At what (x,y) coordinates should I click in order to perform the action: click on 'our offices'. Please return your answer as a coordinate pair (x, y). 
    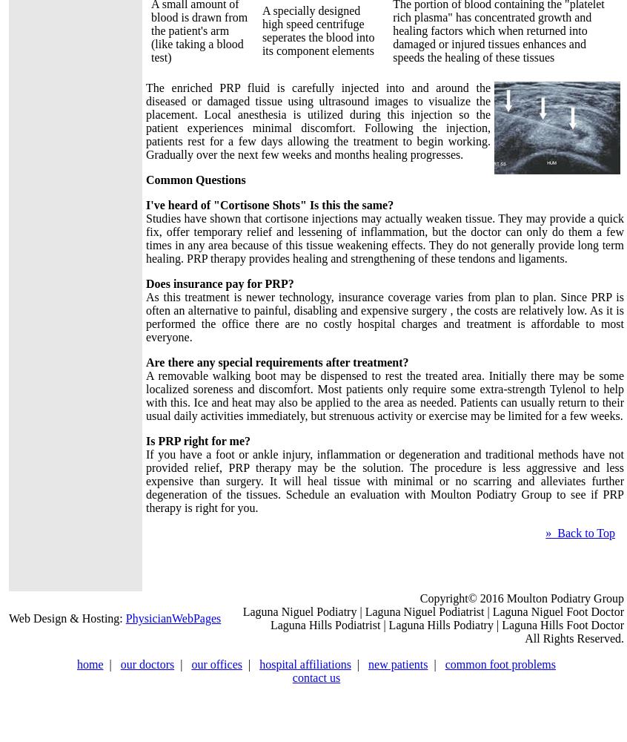
    Looking at the image, I should click on (216, 664).